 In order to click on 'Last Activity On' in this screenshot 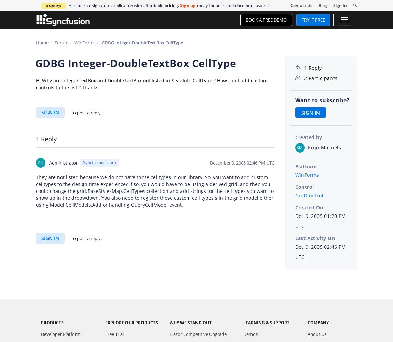, I will do `click(315, 237)`.